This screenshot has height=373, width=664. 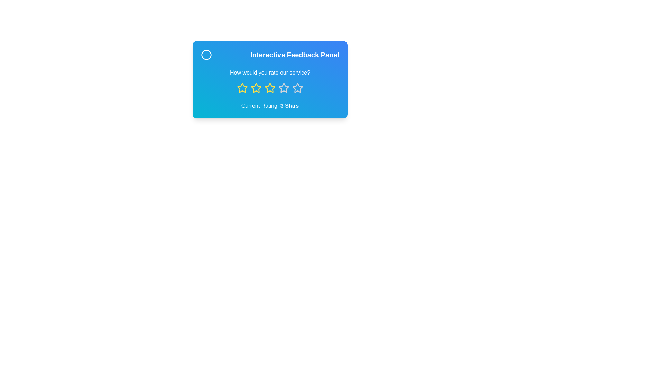 What do you see at coordinates (289, 106) in the screenshot?
I see `the static text displaying '3 Stars' in bold white font against a gradient blue background, which conveys the current rating status and is positioned below the star icons` at bounding box center [289, 106].